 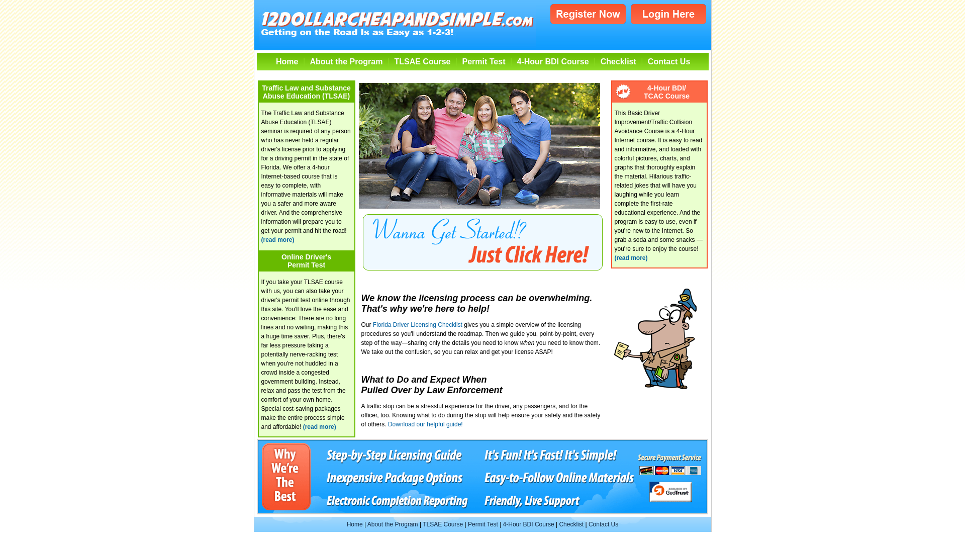 What do you see at coordinates (571, 523) in the screenshot?
I see `'Checklist'` at bounding box center [571, 523].